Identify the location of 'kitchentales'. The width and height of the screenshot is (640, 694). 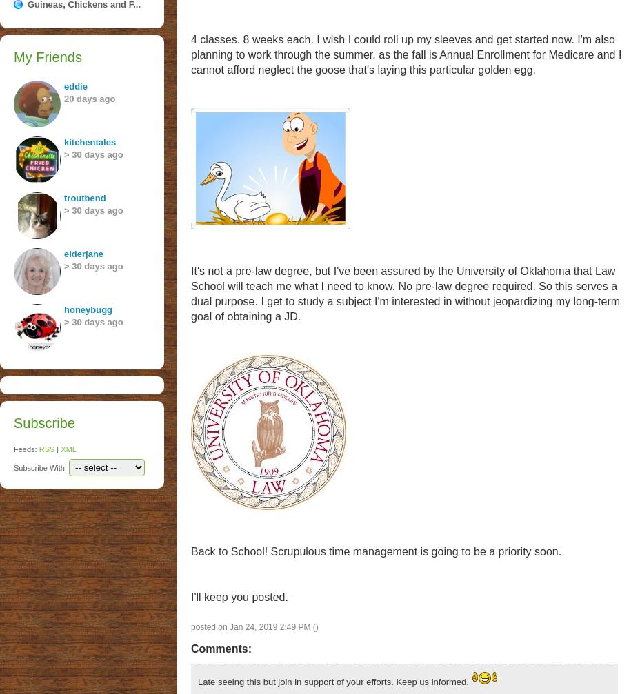
(90, 142).